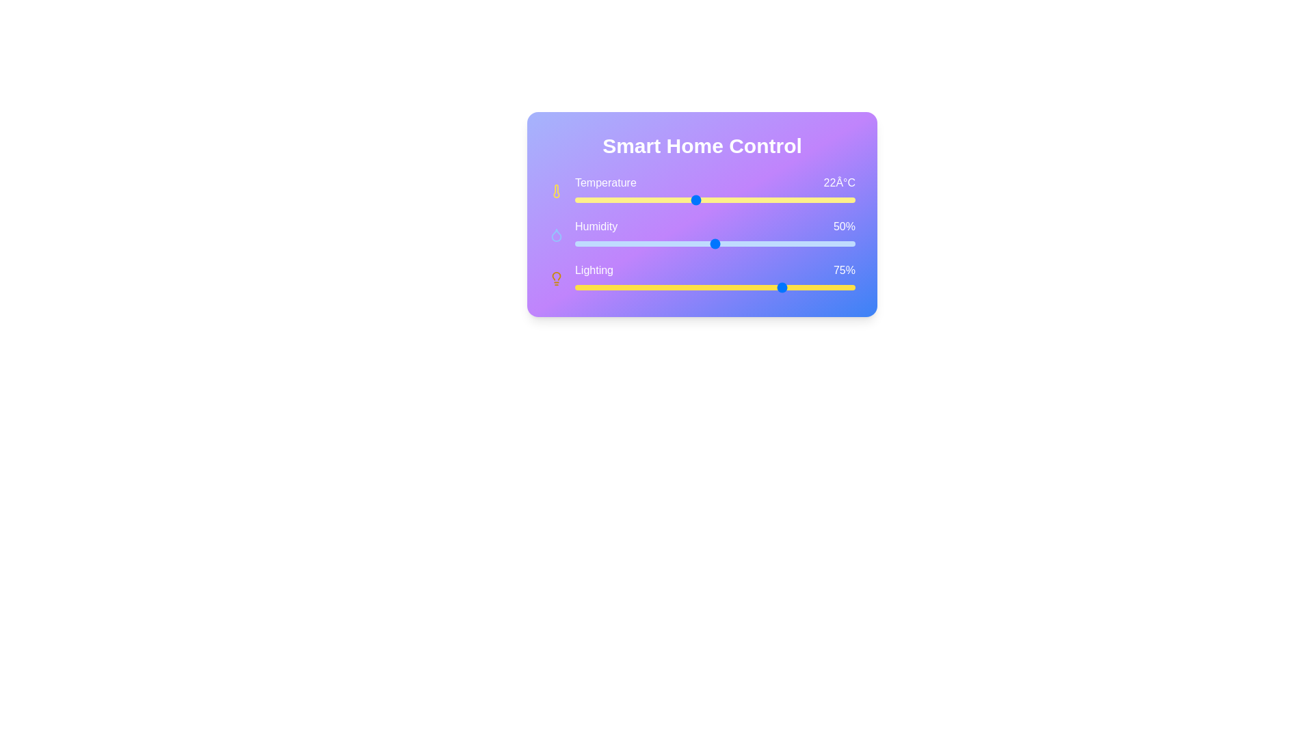 This screenshot has height=738, width=1313. Describe the element at coordinates (634, 200) in the screenshot. I see `the temperature slider to set the temperature to 19°C` at that location.